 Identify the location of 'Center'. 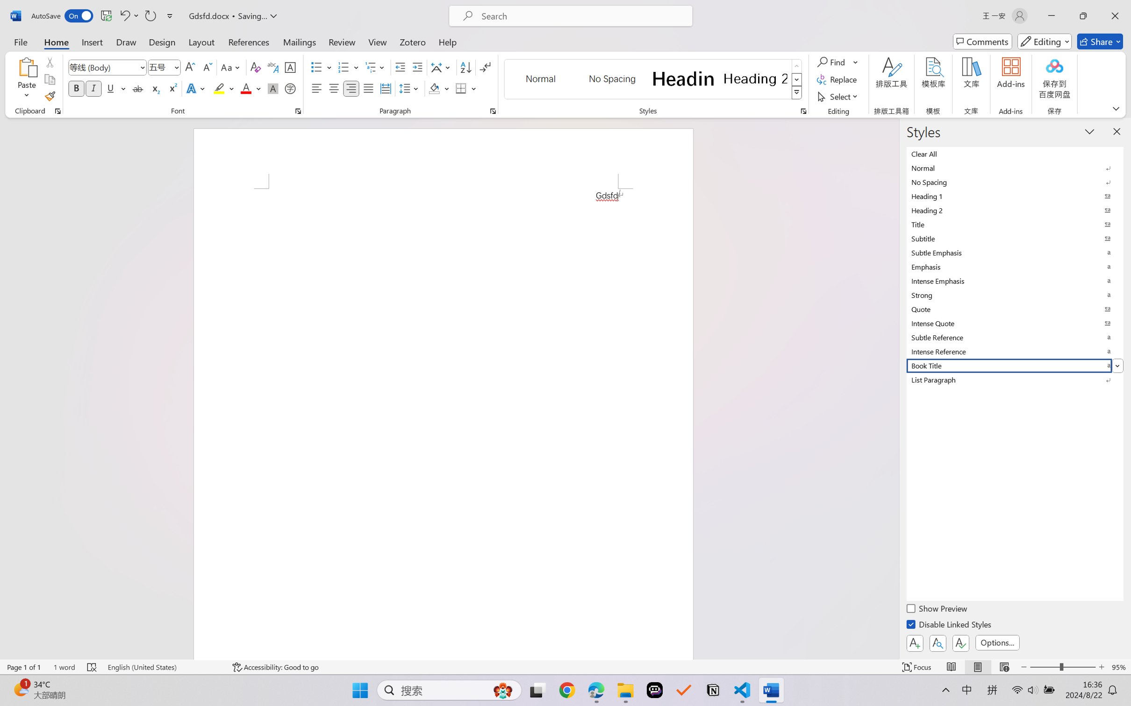
(333, 88).